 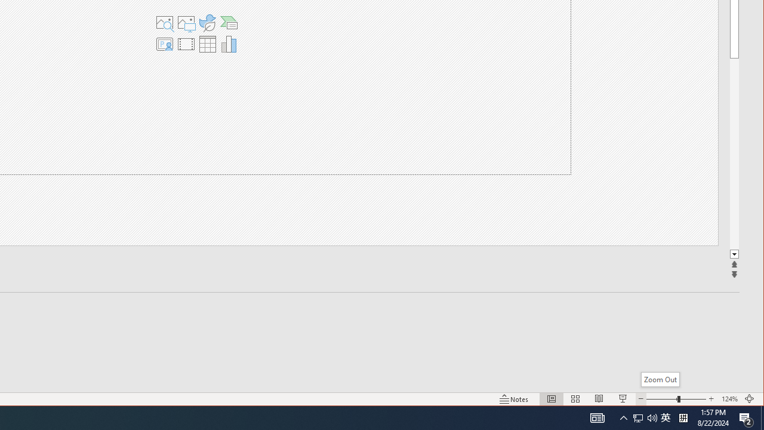 What do you see at coordinates (229, 44) in the screenshot?
I see `'Insert Chart'` at bounding box center [229, 44].